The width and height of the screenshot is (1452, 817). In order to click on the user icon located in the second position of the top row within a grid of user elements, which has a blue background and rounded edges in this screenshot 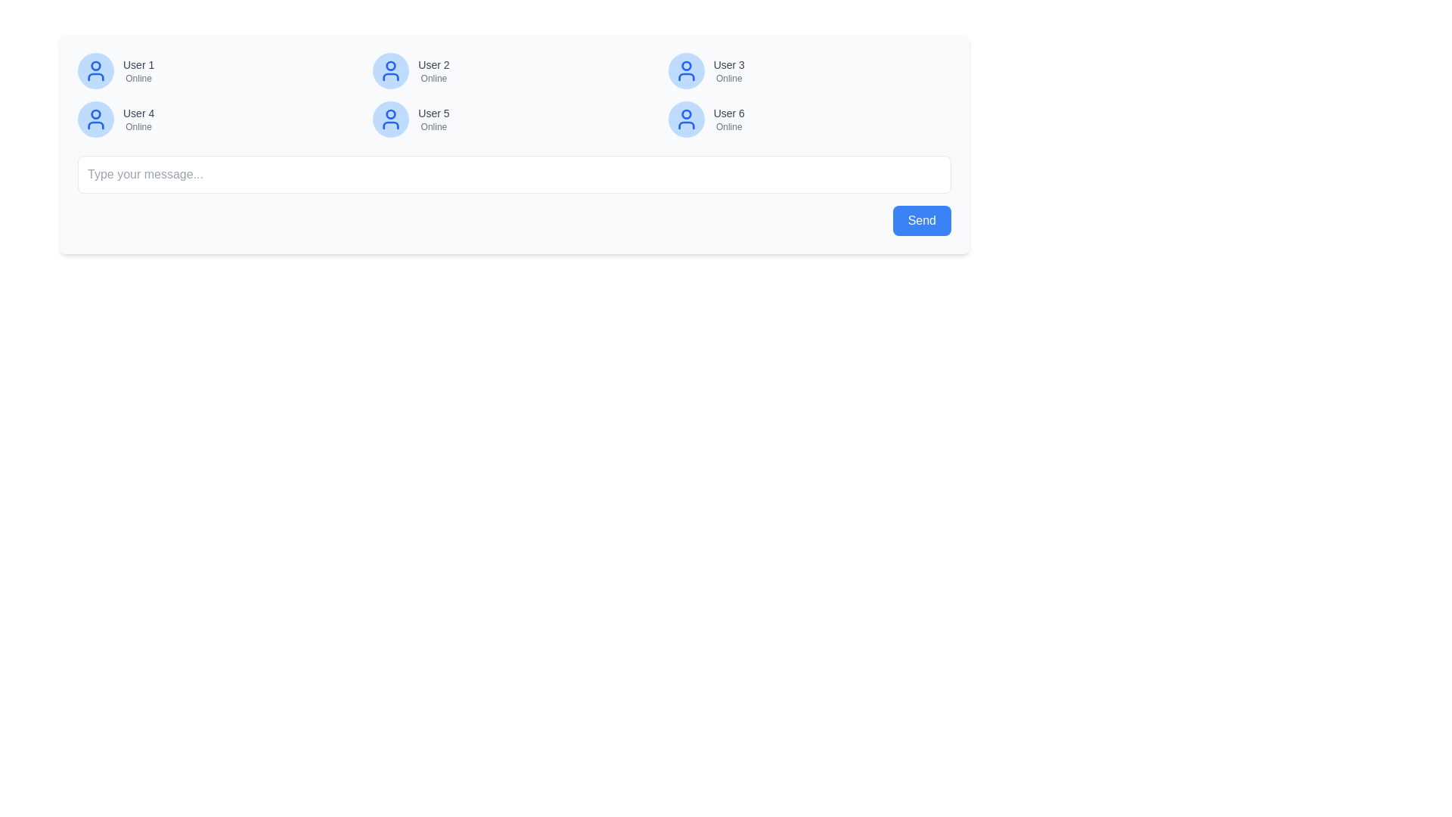, I will do `click(391, 70)`.